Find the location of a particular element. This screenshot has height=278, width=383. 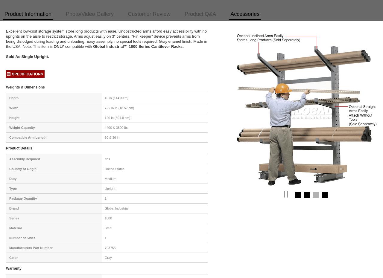

'Warranty' is located at coordinates (13, 268).